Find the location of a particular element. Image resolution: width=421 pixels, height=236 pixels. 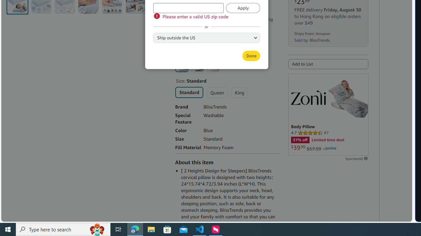

'King' is located at coordinates (239, 92).